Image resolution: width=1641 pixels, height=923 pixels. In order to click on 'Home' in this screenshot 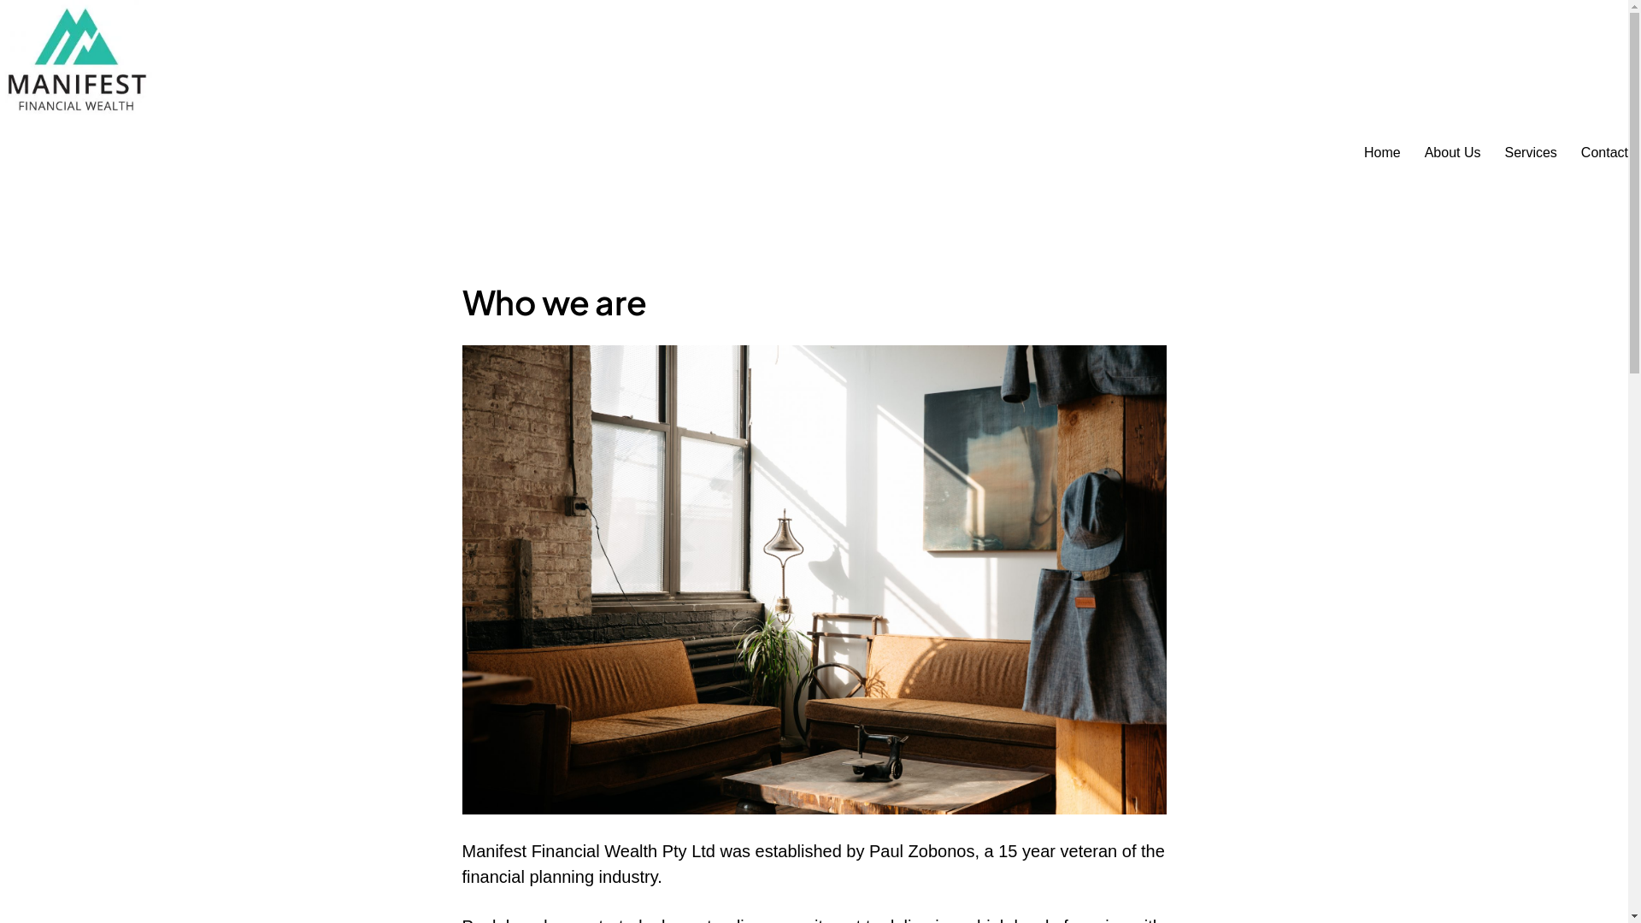, I will do `click(1382, 151)`.